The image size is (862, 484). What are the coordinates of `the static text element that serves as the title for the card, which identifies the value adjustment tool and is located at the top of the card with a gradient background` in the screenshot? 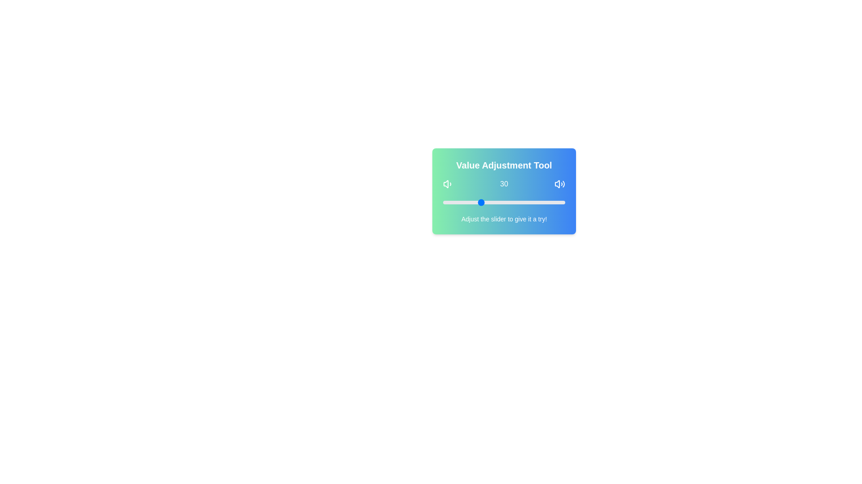 It's located at (504, 165).